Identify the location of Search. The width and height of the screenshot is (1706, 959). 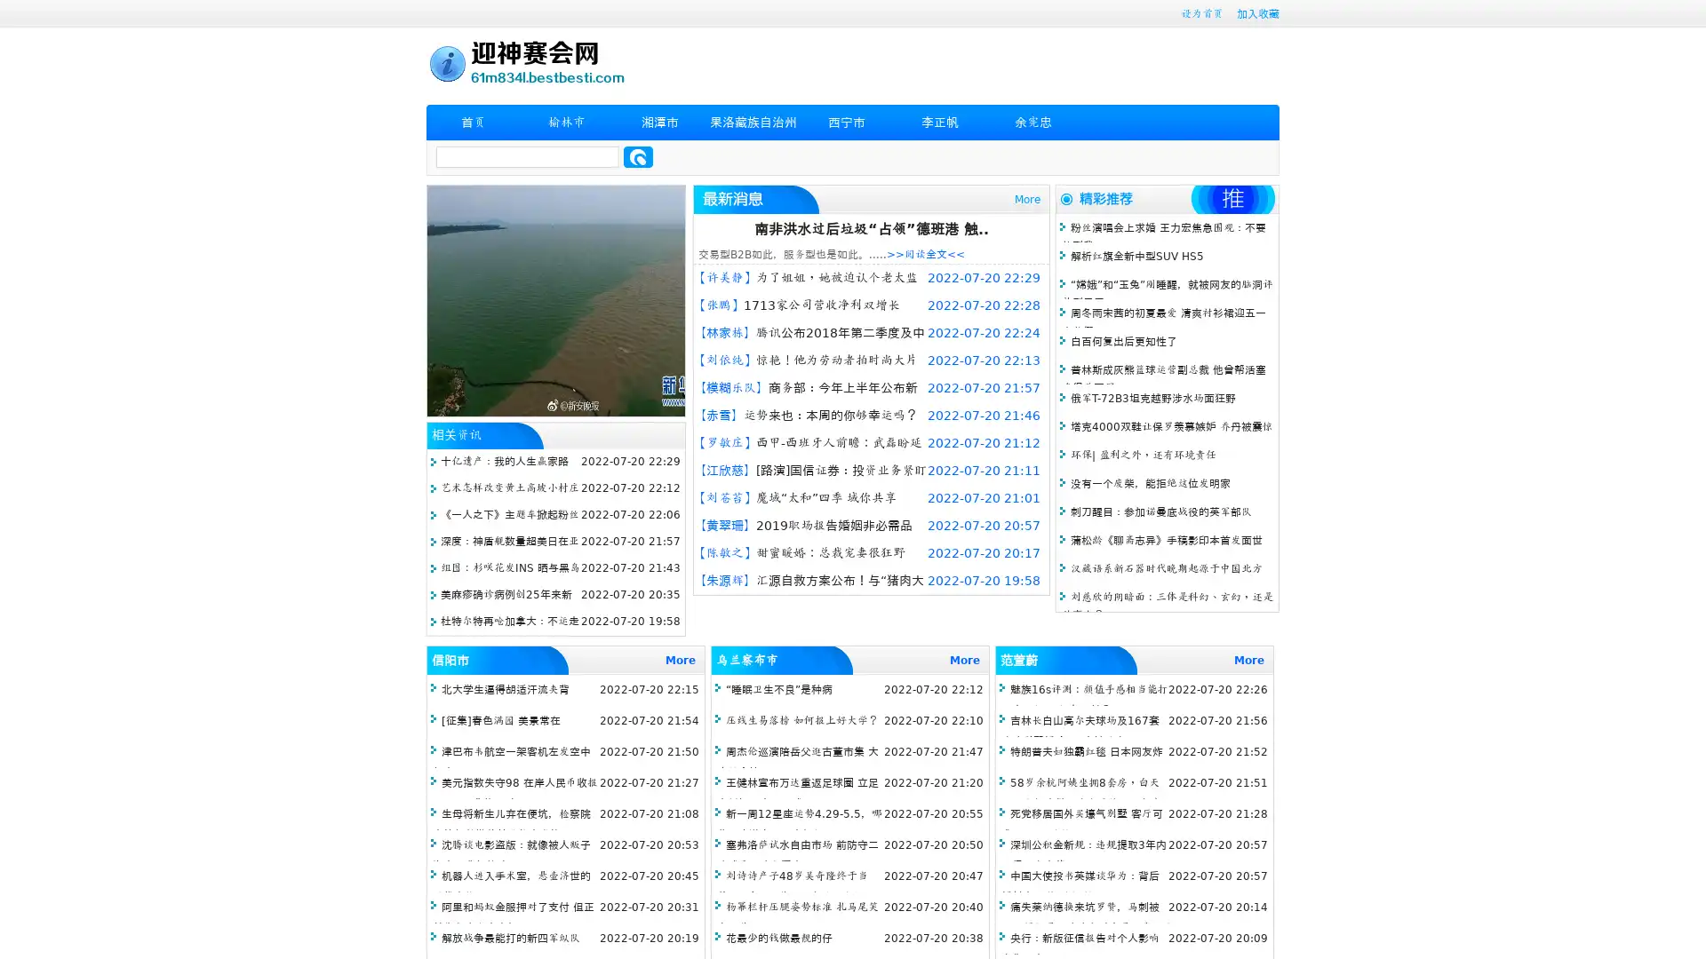
(638, 156).